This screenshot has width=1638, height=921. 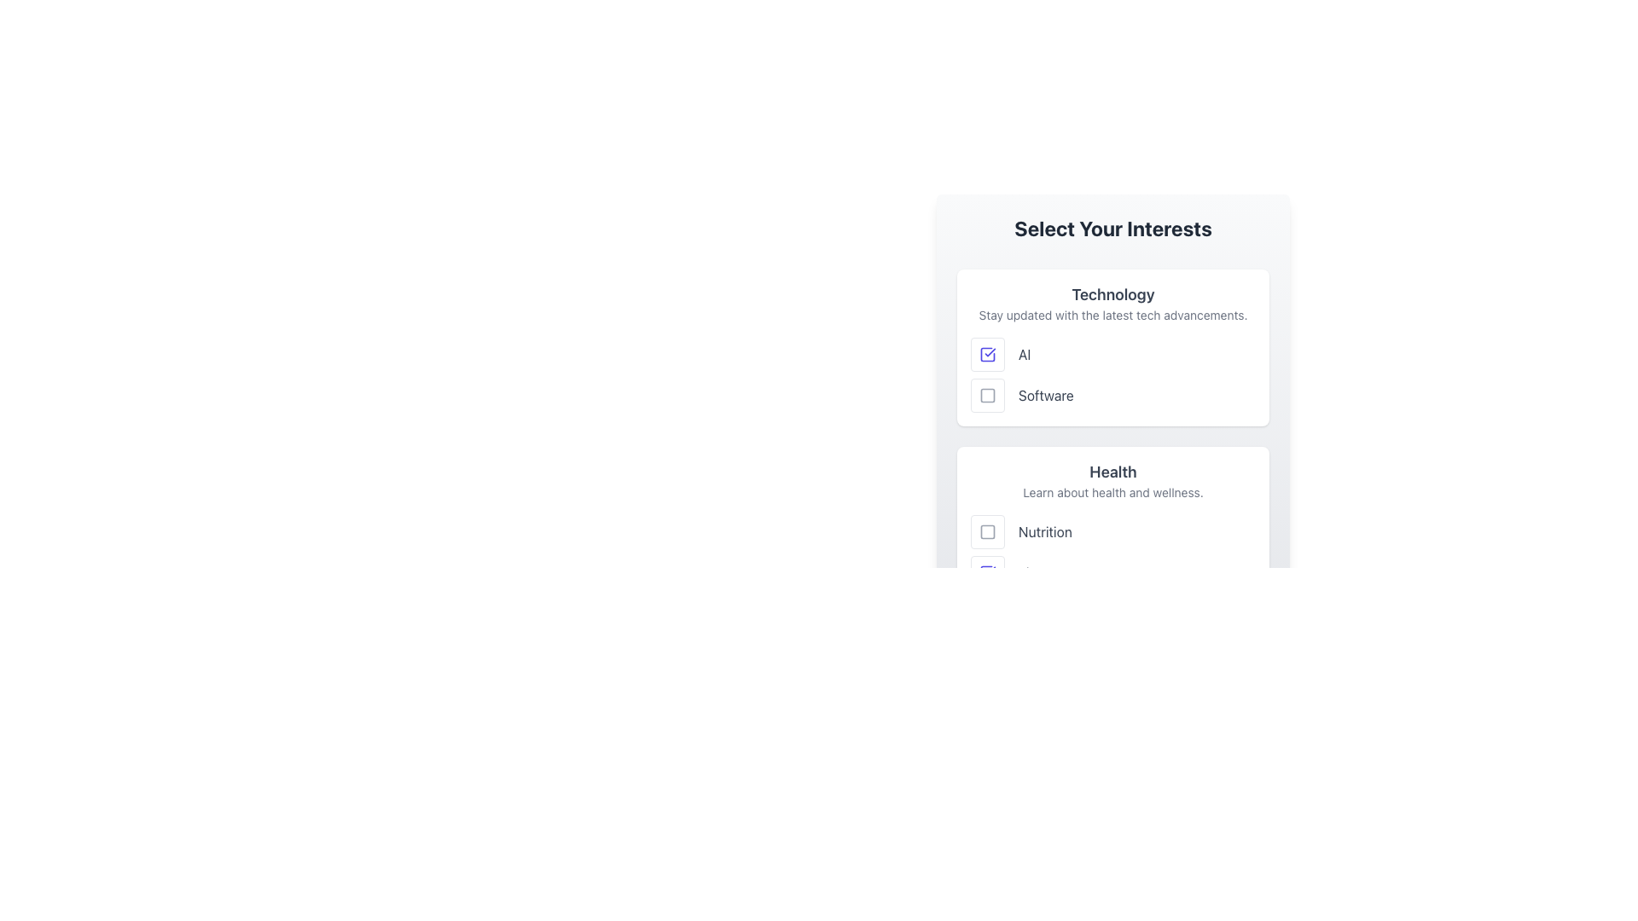 What do you see at coordinates (987, 354) in the screenshot?
I see `the checkbox for the interest labeled 'AI' in the 'Technology' section` at bounding box center [987, 354].